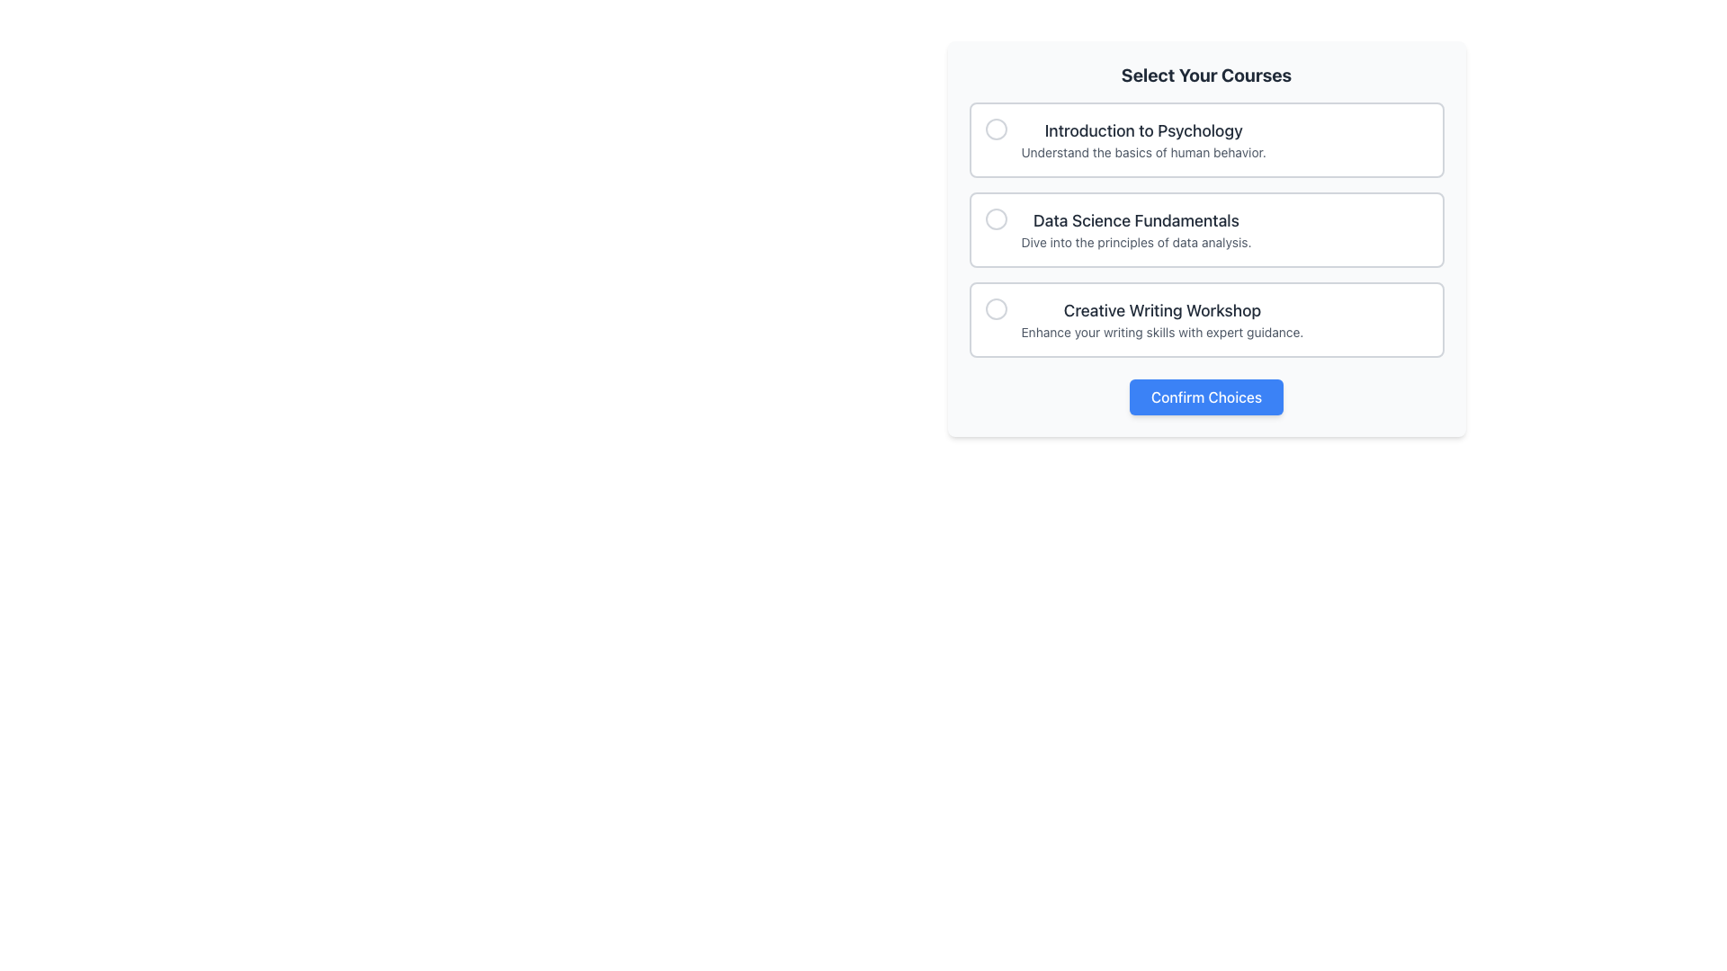 This screenshot has height=971, width=1727. I want to click on the circular radio button located to the left of the 'Introduction to Psychology' option in the 'Select Your Courses' section for visual feedback, so click(995, 128).